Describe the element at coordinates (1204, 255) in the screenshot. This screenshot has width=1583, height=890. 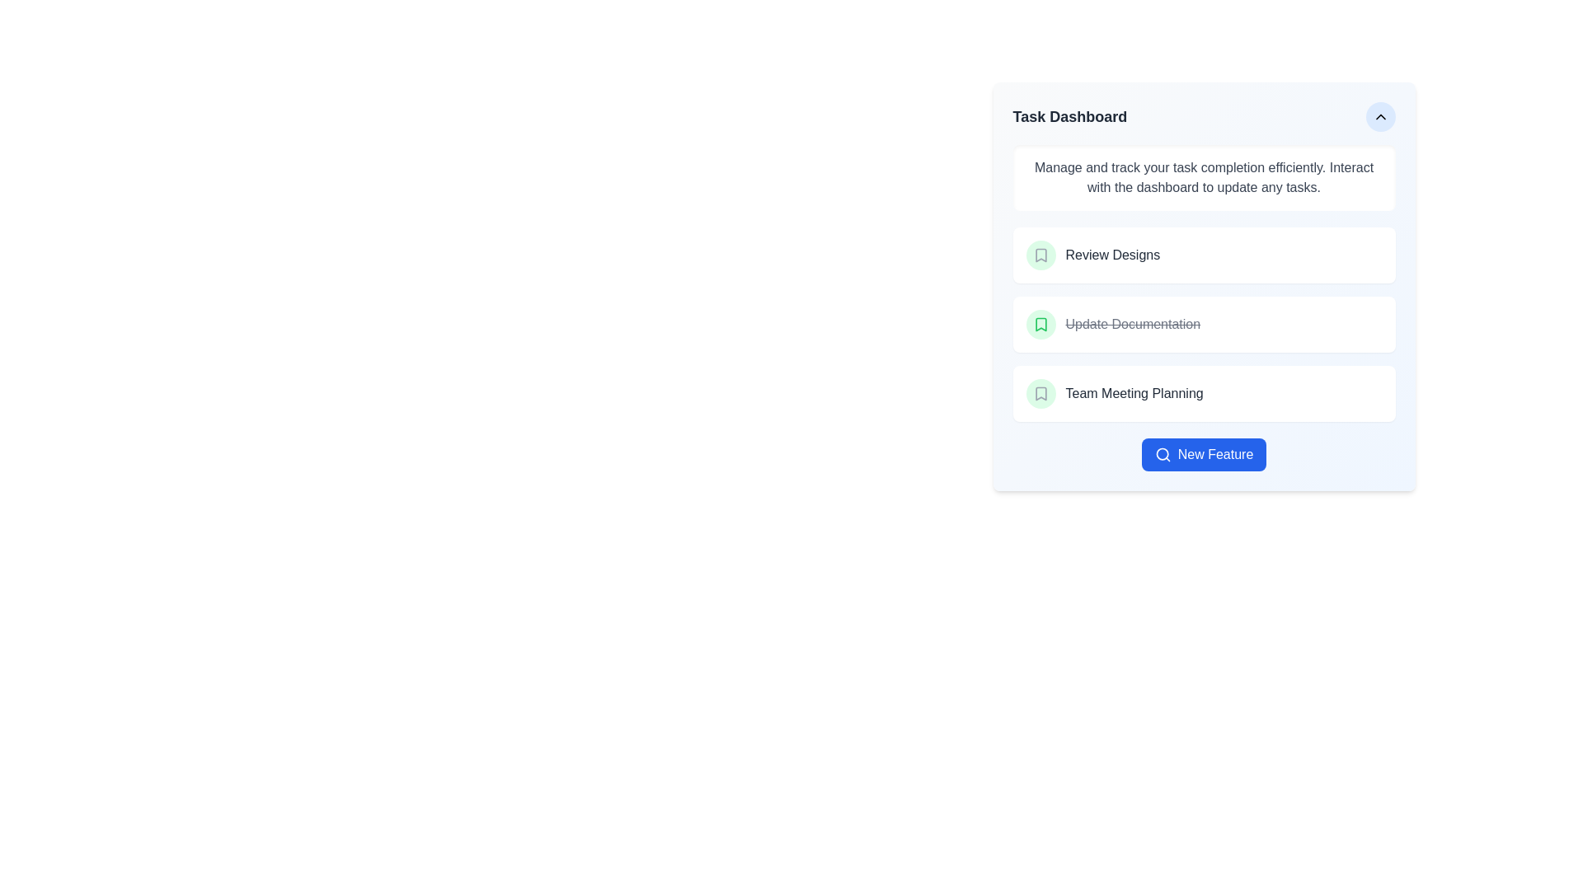
I see `the 'Review Designs' list item in the task dashboard` at that location.